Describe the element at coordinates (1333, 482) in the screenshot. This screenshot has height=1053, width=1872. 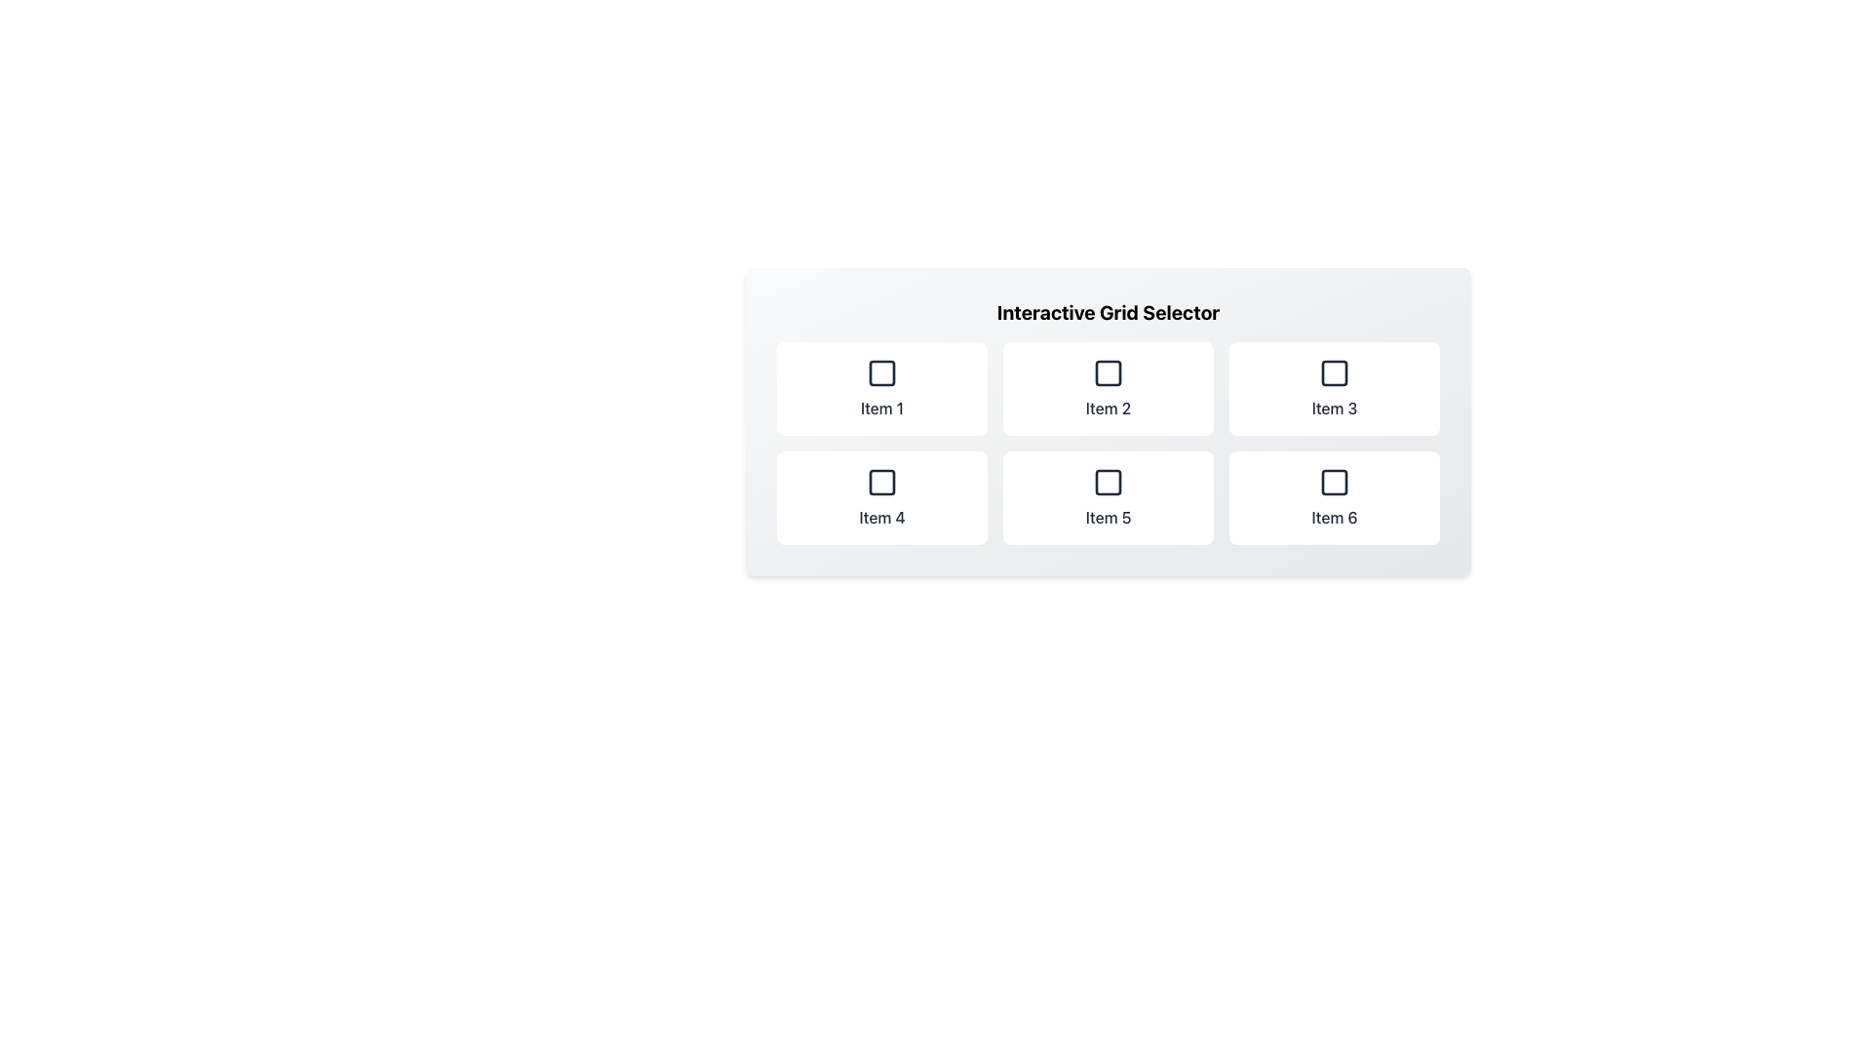
I see `the small, square-shaped UI component with rounded corners located centrally within the 'Item 6' box in the Interactive Grid Selector` at that location.